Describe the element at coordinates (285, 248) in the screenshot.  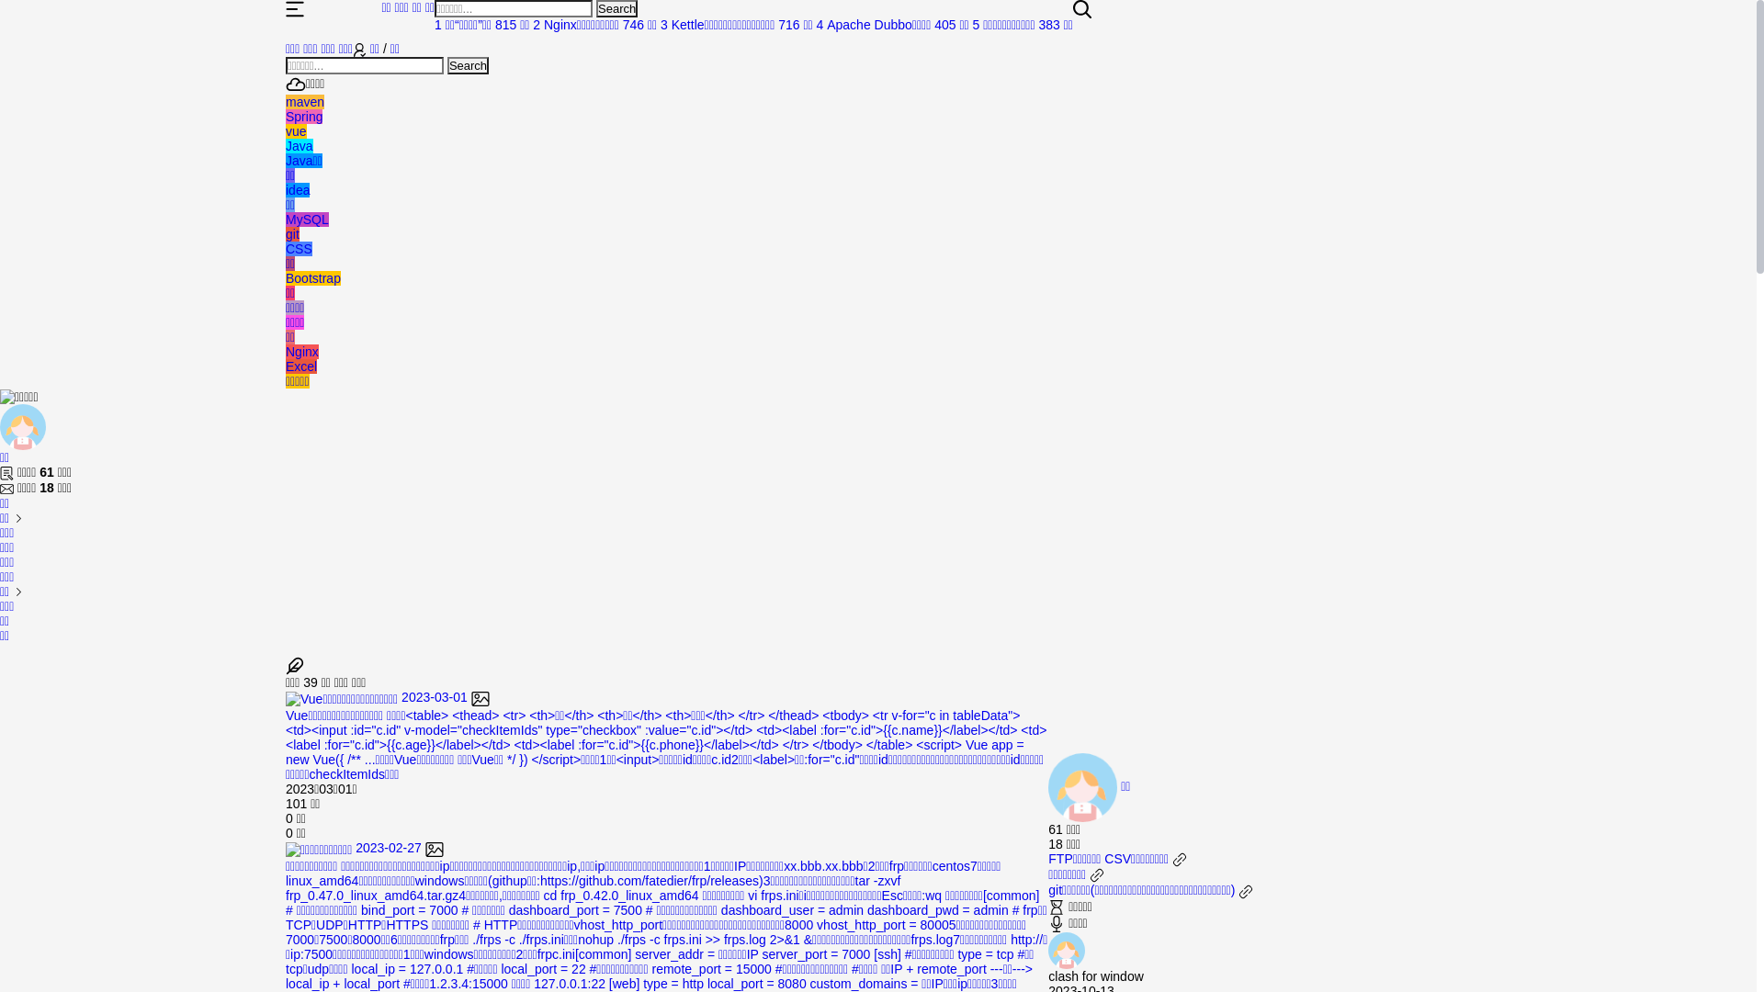
I see `'CSS'` at that location.